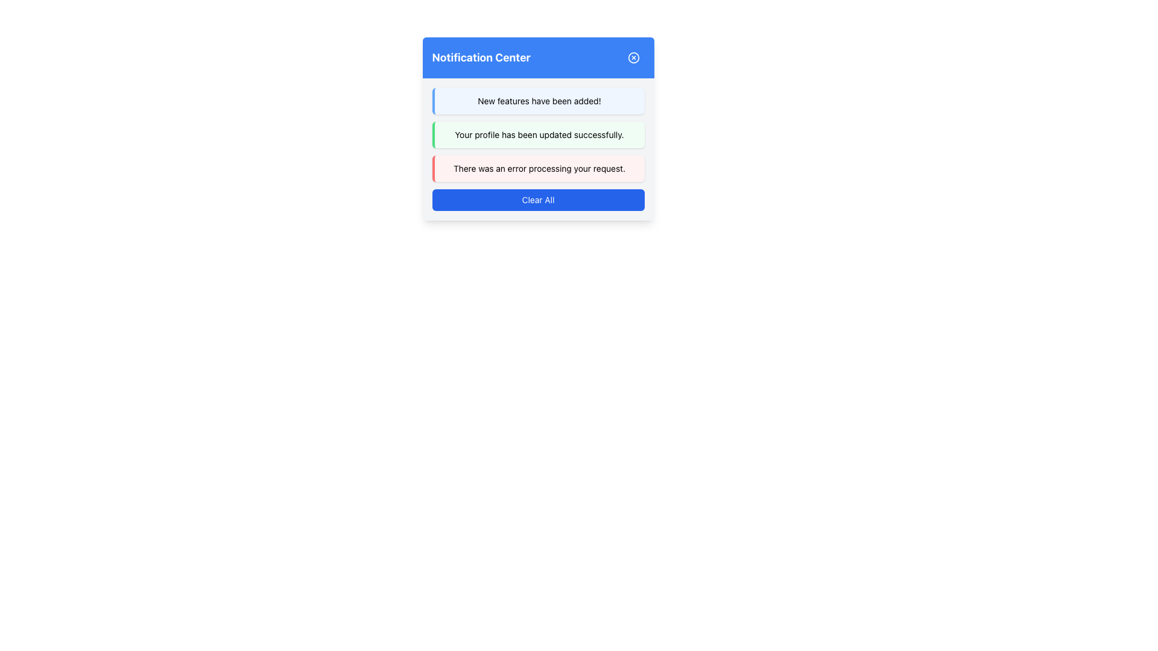  I want to click on the 'Clear All' button, which is a rectangular button with a blue background and white text, located at the bottom of the notification panel, so click(537, 199).